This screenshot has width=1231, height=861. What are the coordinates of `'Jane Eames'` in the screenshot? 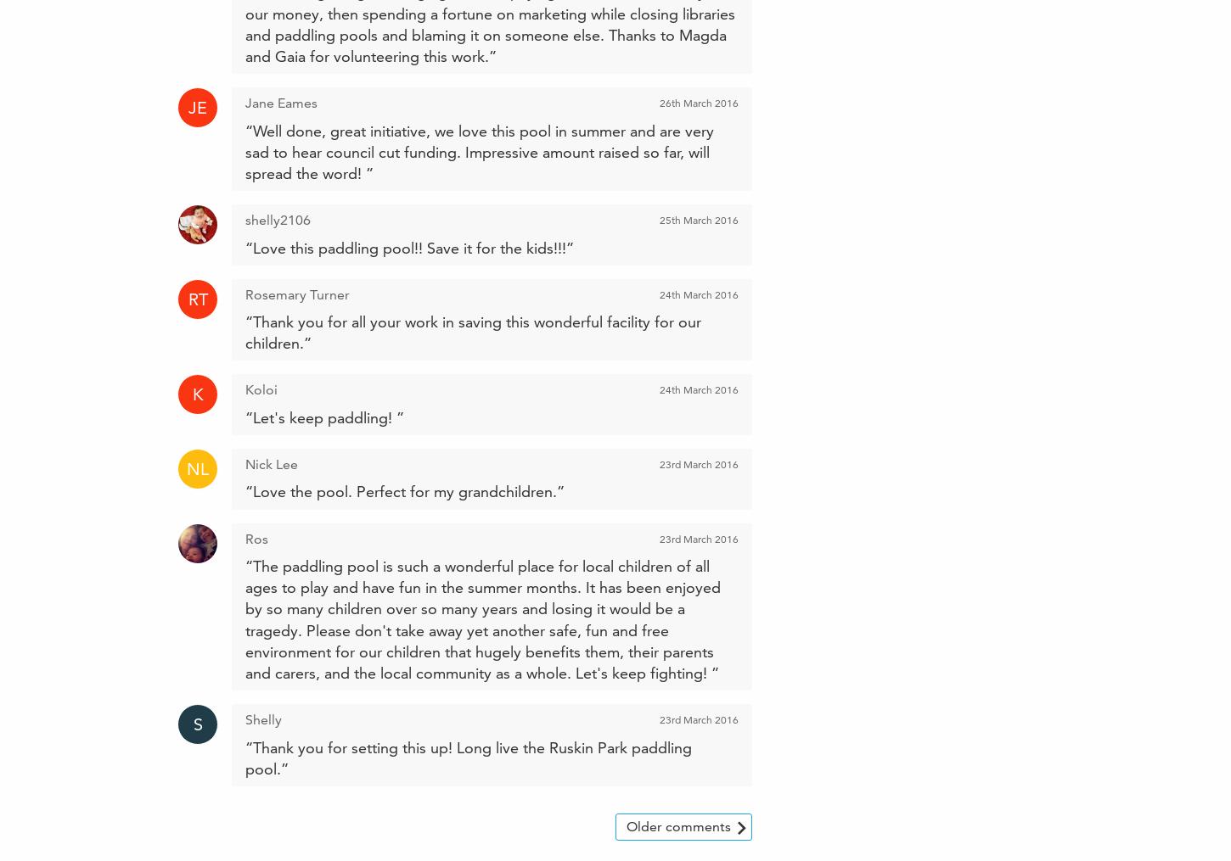 It's located at (281, 103).